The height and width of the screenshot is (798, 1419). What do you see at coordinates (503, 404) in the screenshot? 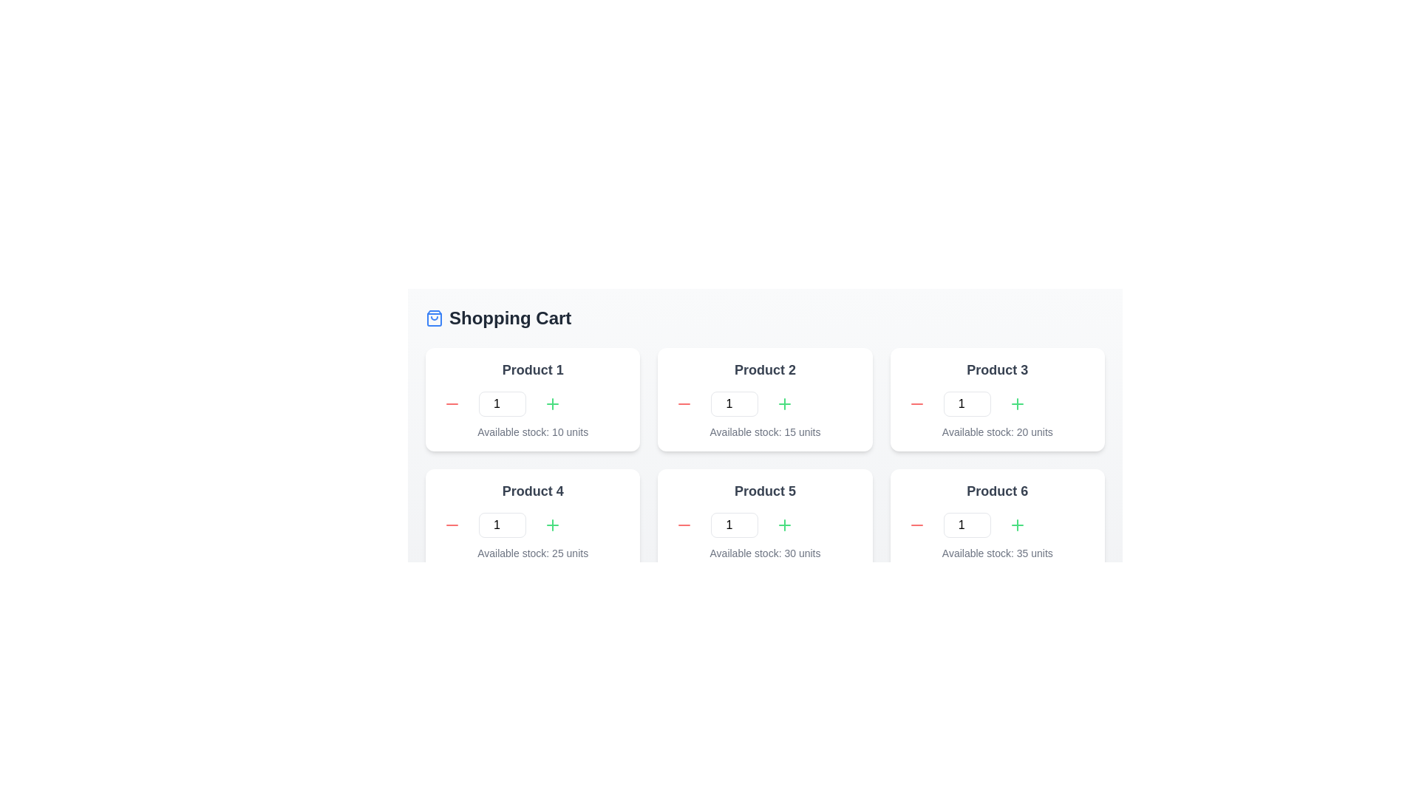
I see `the number input field for 'Product 1' to focus on it` at bounding box center [503, 404].